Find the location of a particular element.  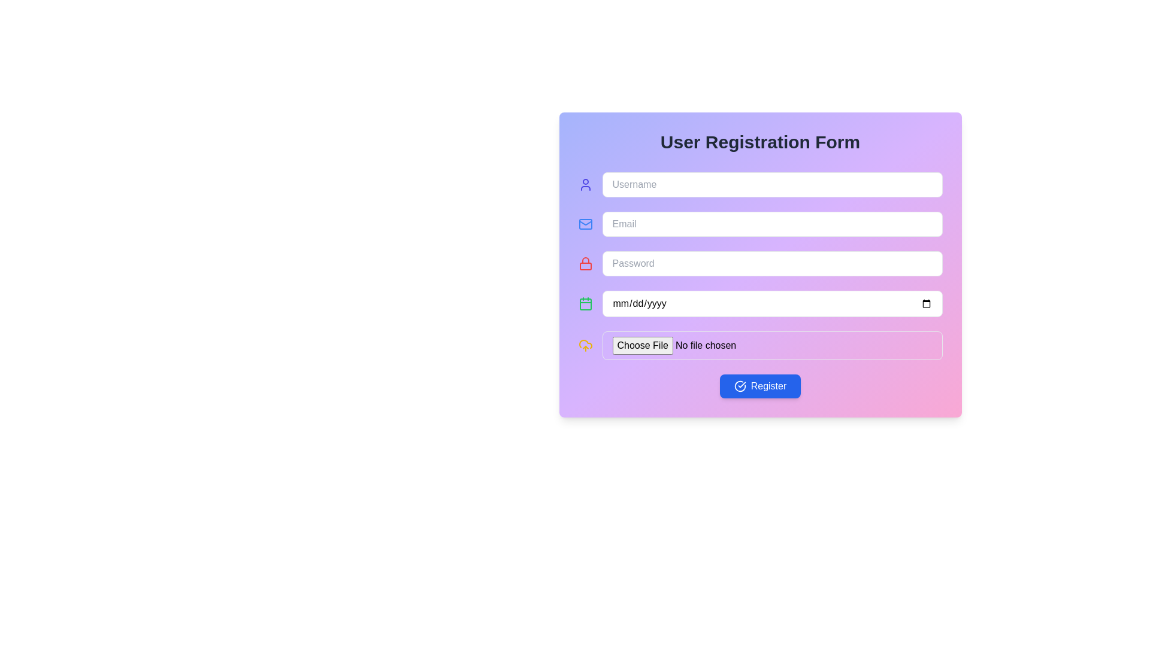

the File input field located below the date input field labeled 'mm/dd/yyyy' is located at coordinates (772, 346).